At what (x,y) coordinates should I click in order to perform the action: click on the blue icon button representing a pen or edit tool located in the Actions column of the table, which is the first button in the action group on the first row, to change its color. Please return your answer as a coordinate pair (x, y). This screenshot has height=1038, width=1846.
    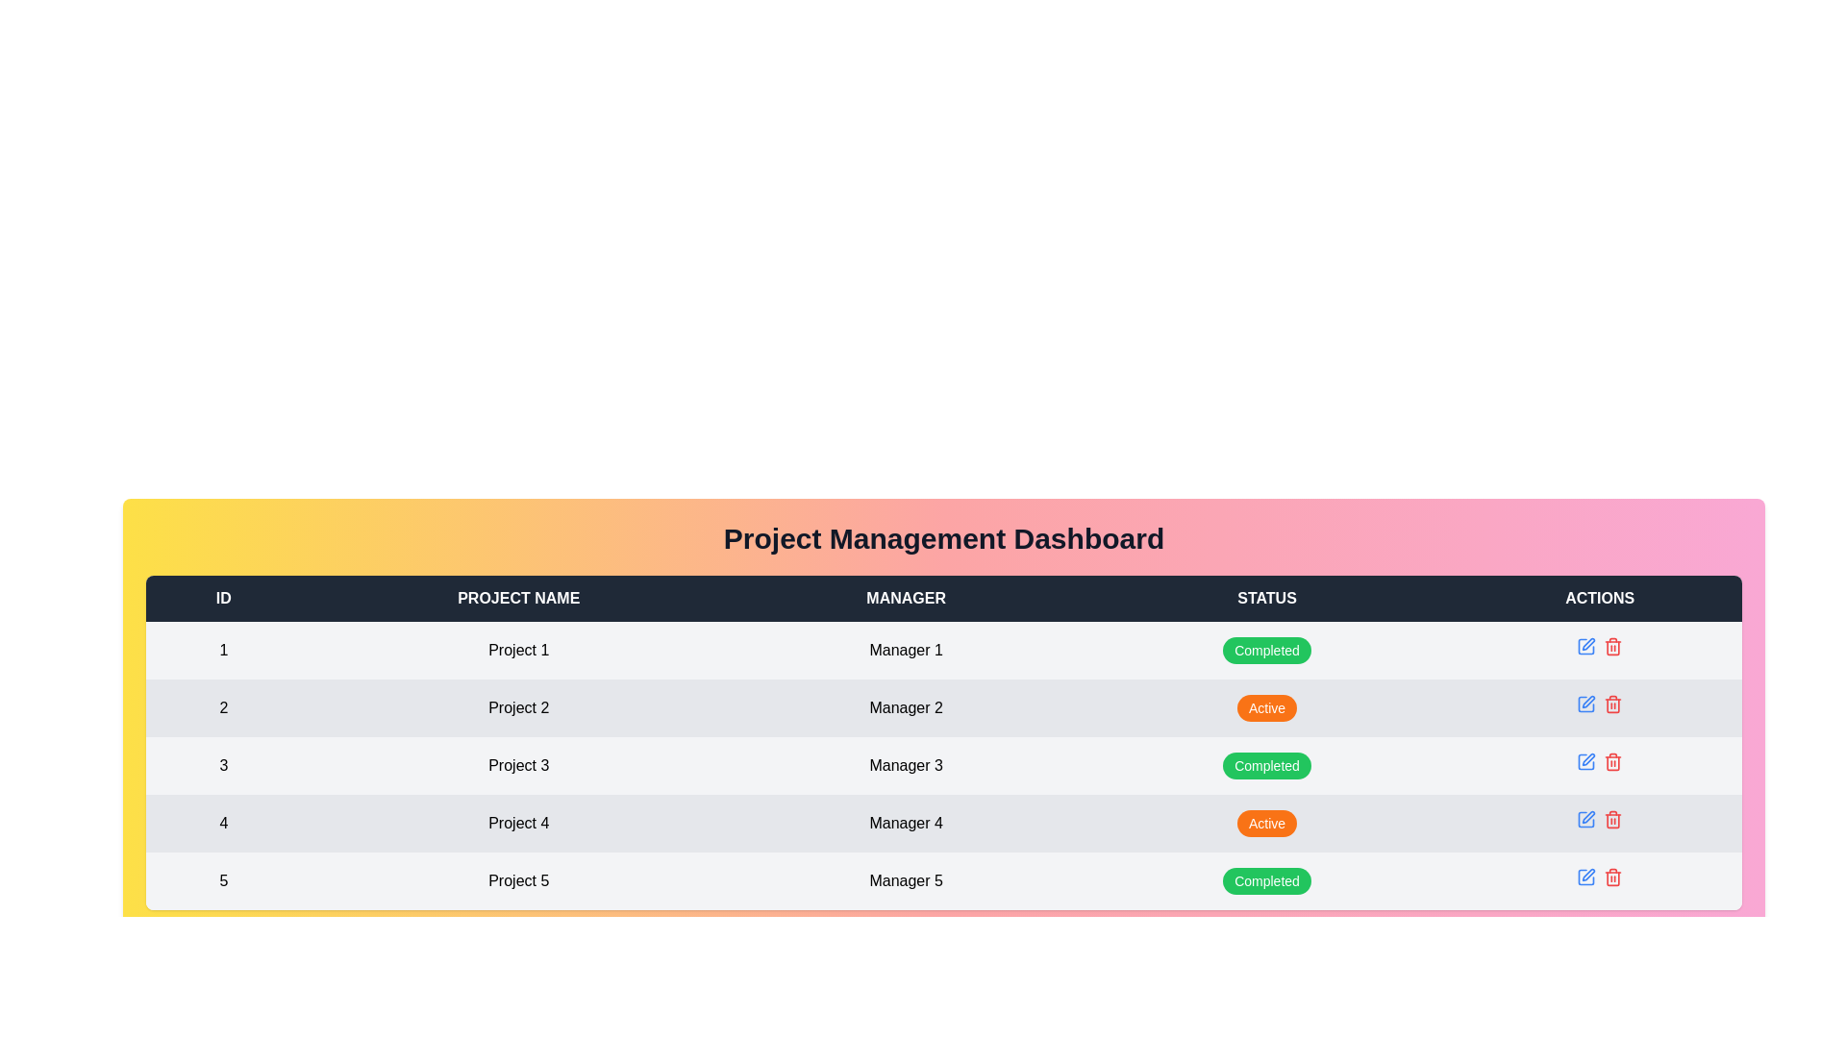
    Looking at the image, I should click on (1586, 646).